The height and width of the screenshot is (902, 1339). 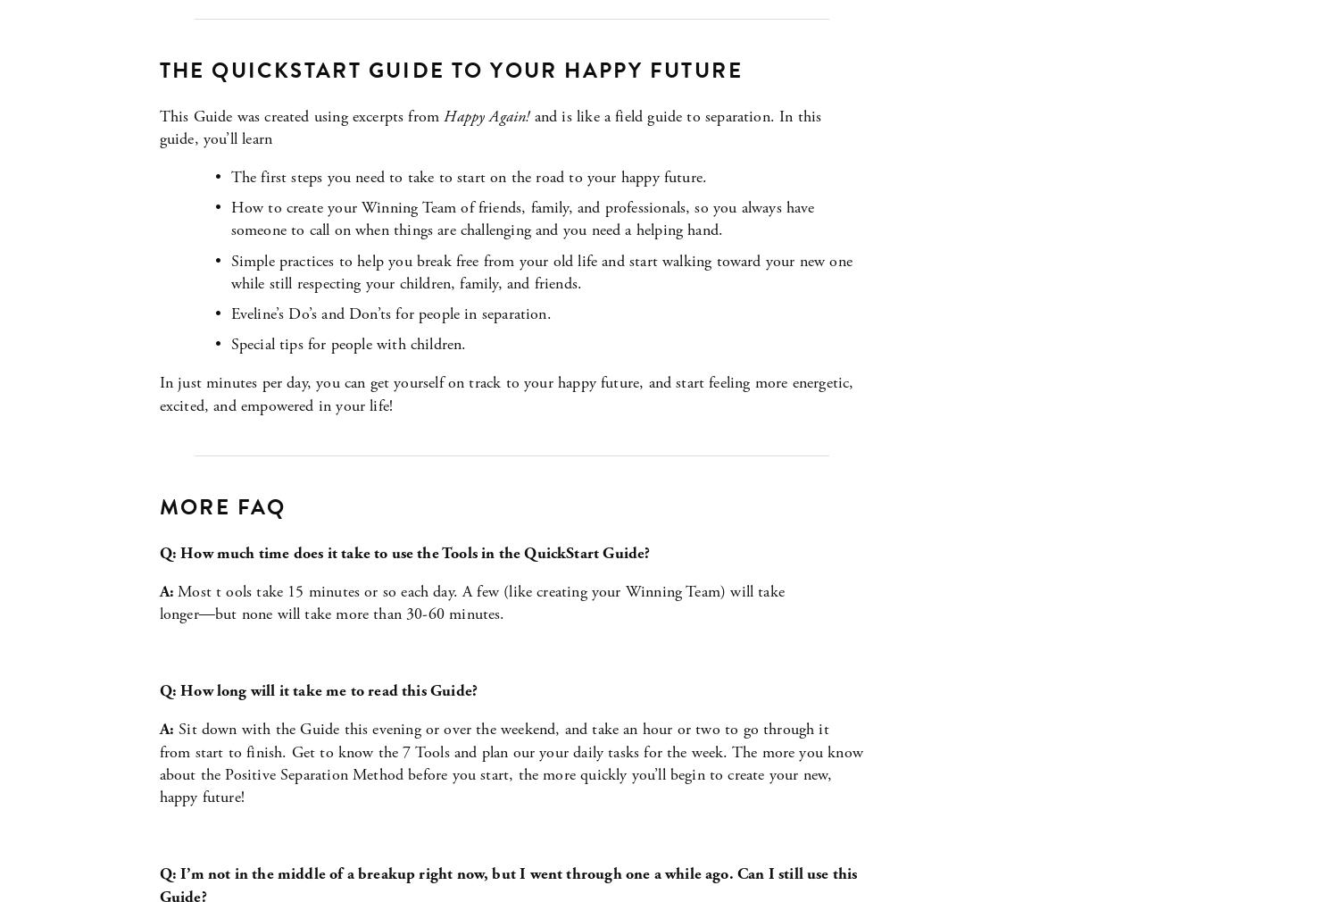 What do you see at coordinates (543, 271) in the screenshot?
I see `'Simple practices to help you break free from your old life and start walking toward your new one while still respecting your children, family, and friends.'` at bounding box center [543, 271].